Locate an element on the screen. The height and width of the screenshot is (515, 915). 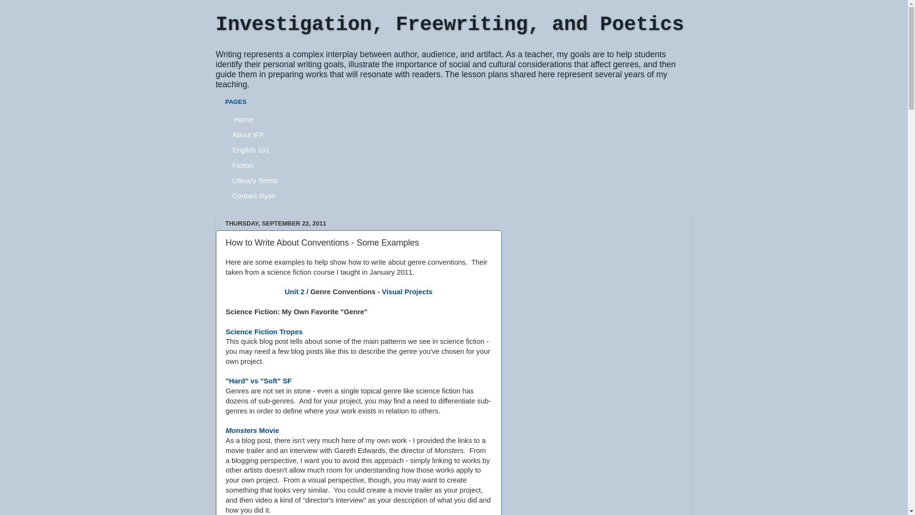
'Home' is located at coordinates (243, 119).